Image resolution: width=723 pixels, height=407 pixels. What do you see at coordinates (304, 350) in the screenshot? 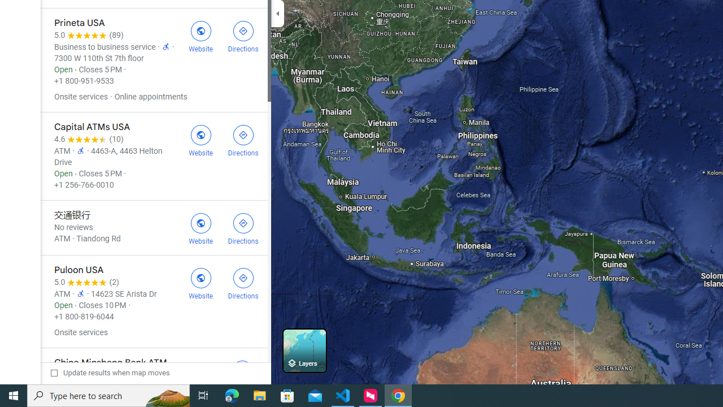
I see `'Layers'` at bounding box center [304, 350].